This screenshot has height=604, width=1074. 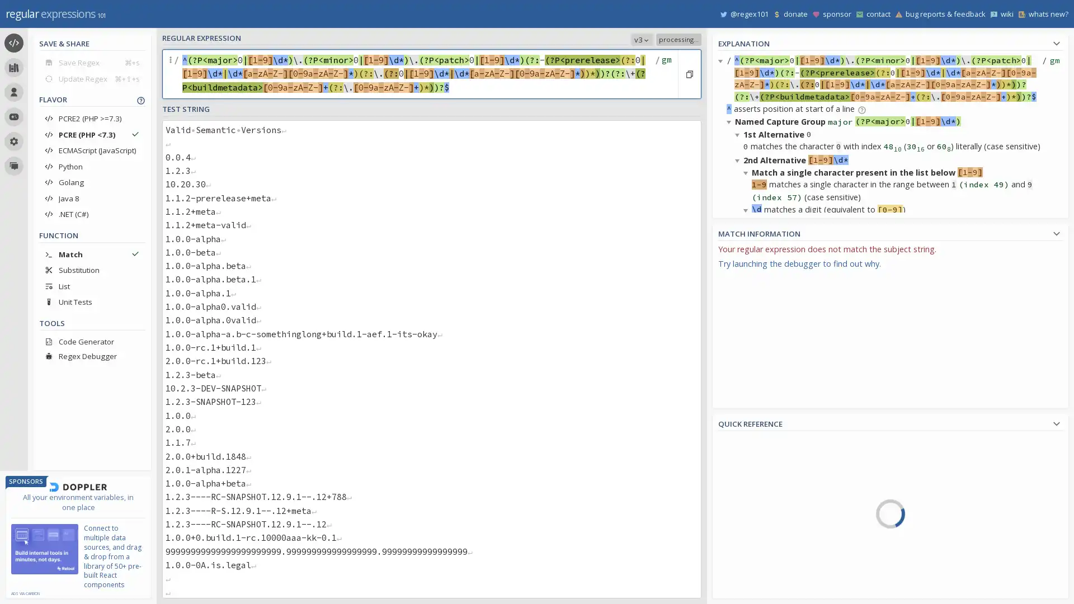 I want to click on A character not in the range: a-z [^a-z], so click(x=946, y=490).